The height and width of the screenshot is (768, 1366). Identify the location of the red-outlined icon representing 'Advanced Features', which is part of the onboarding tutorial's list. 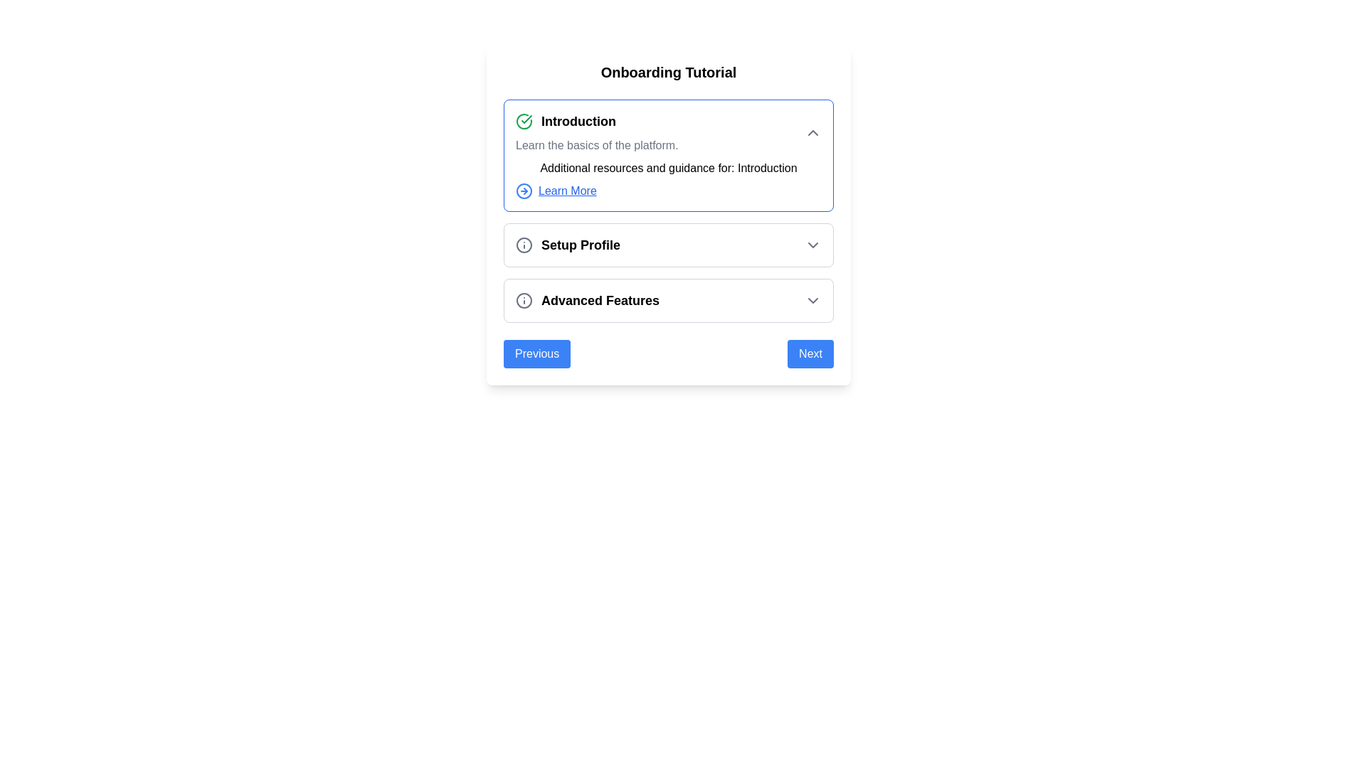
(524, 300).